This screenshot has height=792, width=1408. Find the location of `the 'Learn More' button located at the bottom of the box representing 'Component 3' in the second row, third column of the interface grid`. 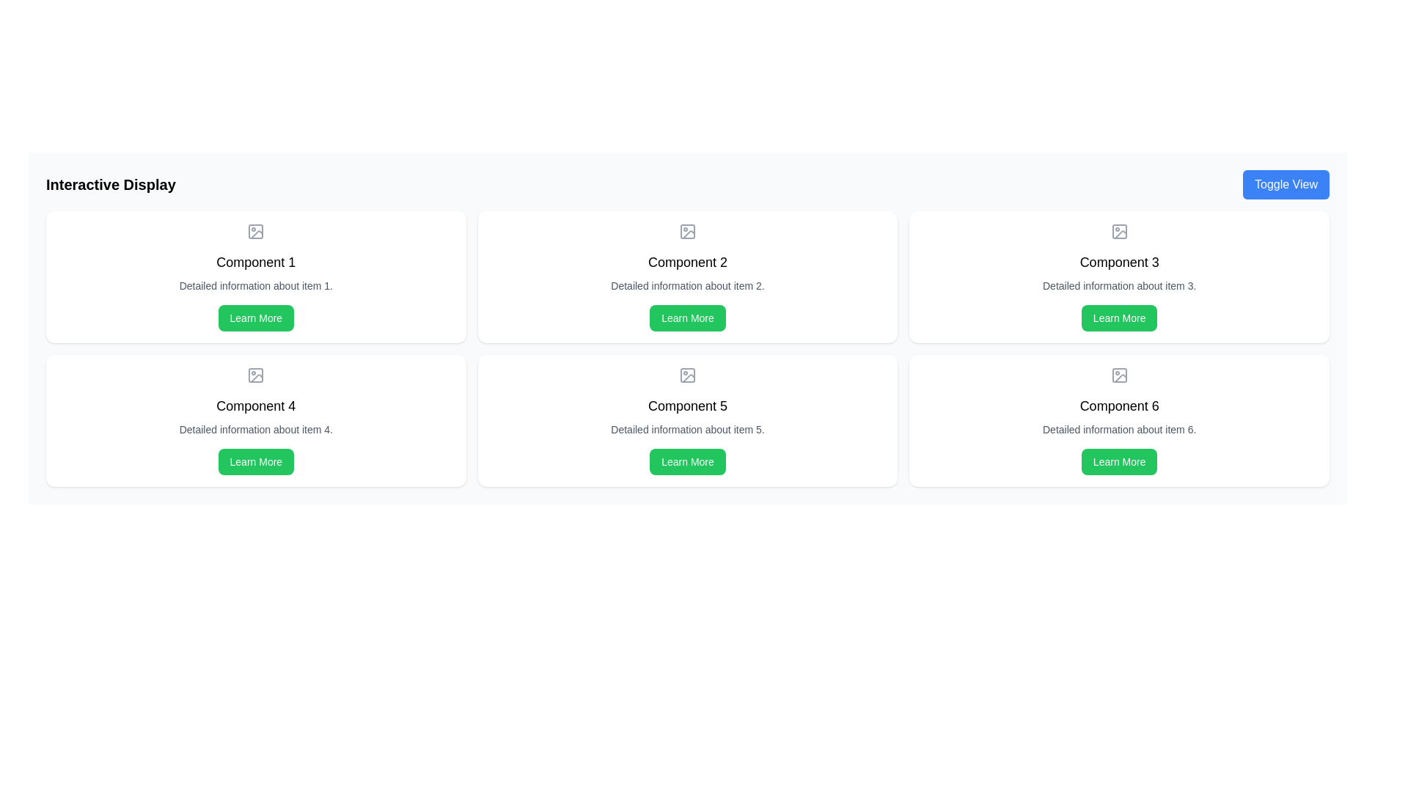

the 'Learn More' button located at the bottom of the box representing 'Component 3' in the second row, third column of the interface grid is located at coordinates (1118, 318).